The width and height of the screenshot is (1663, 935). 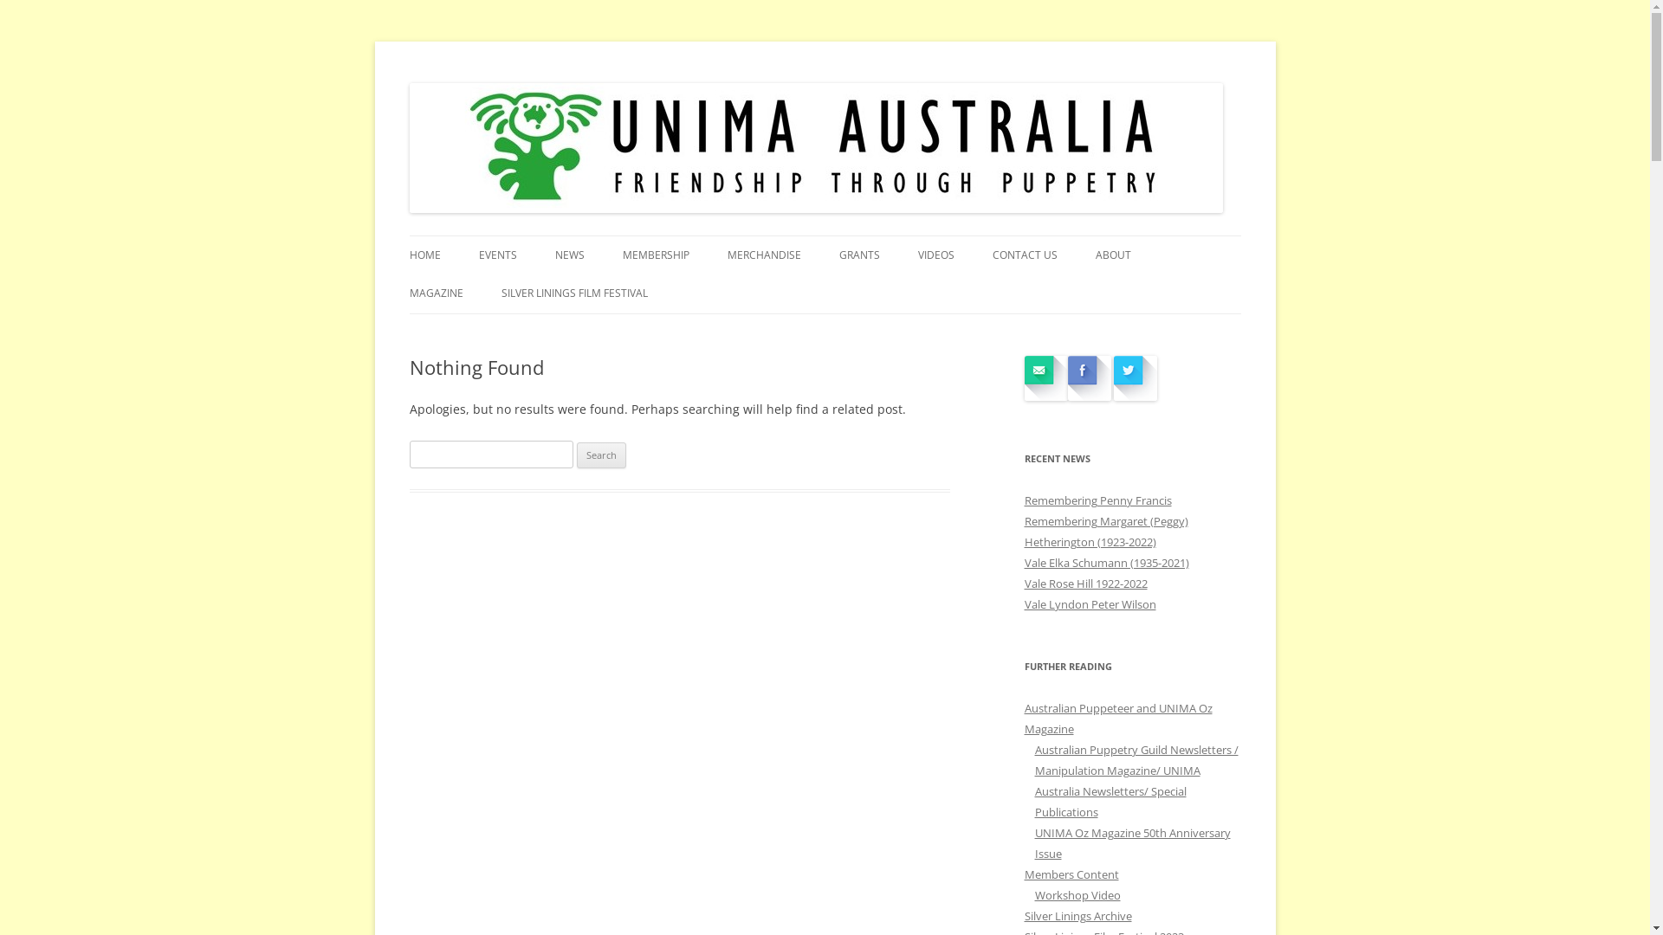 I want to click on 'Vale Rose Hill 1922-2022', so click(x=1084, y=584).